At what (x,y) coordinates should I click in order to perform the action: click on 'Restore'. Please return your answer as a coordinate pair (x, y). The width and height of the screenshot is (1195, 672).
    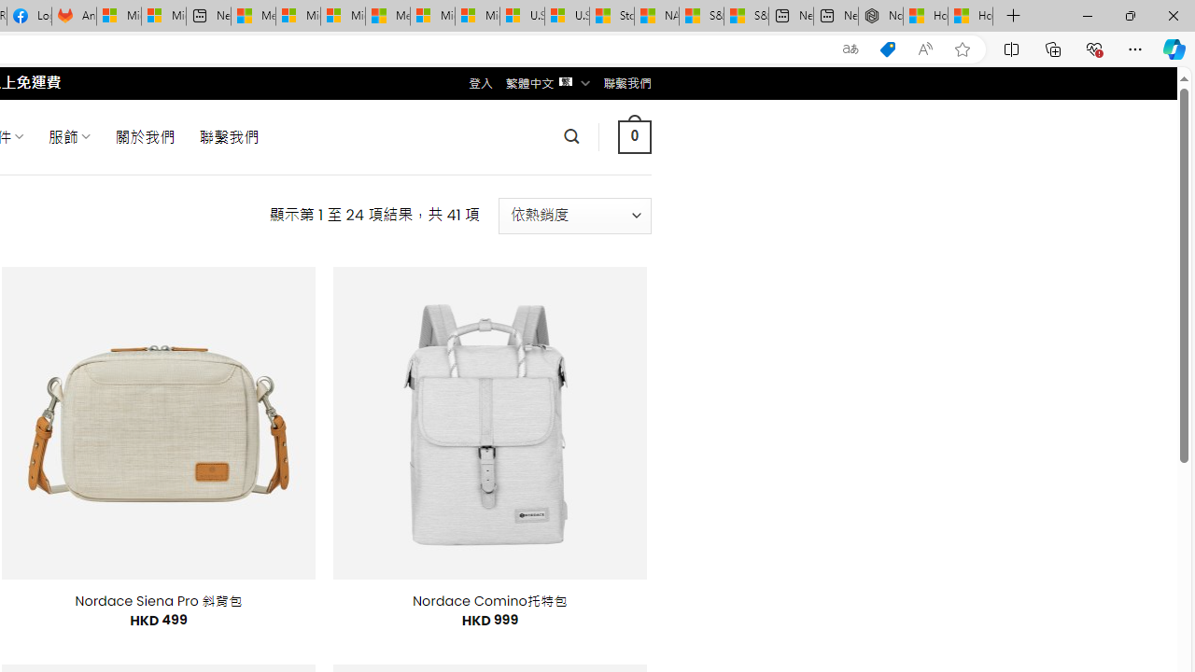
    Looking at the image, I should click on (1129, 15).